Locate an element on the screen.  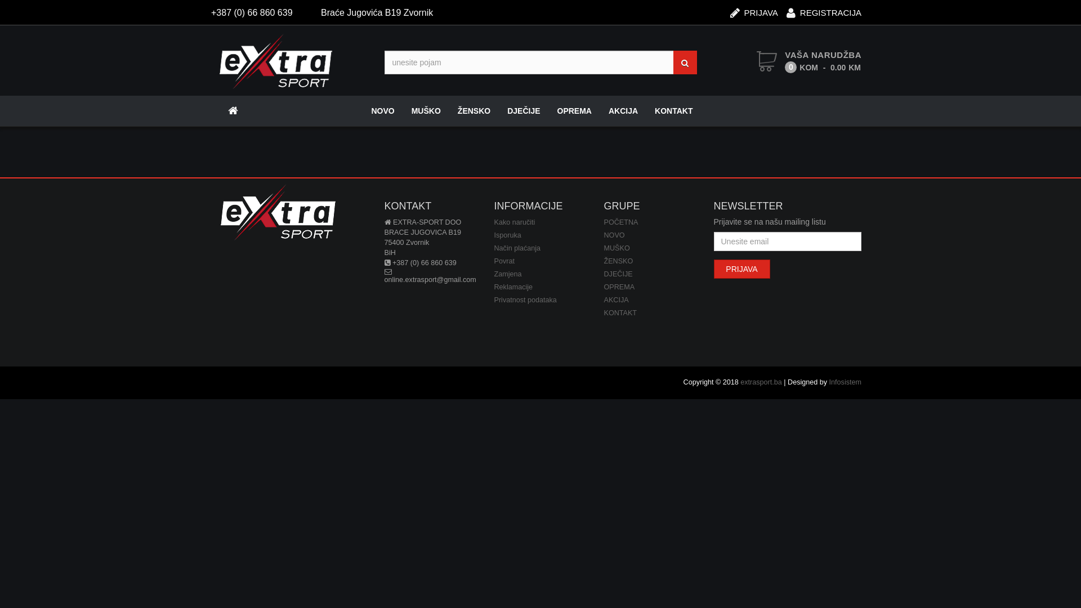
'Isporuka' is located at coordinates (507, 234).